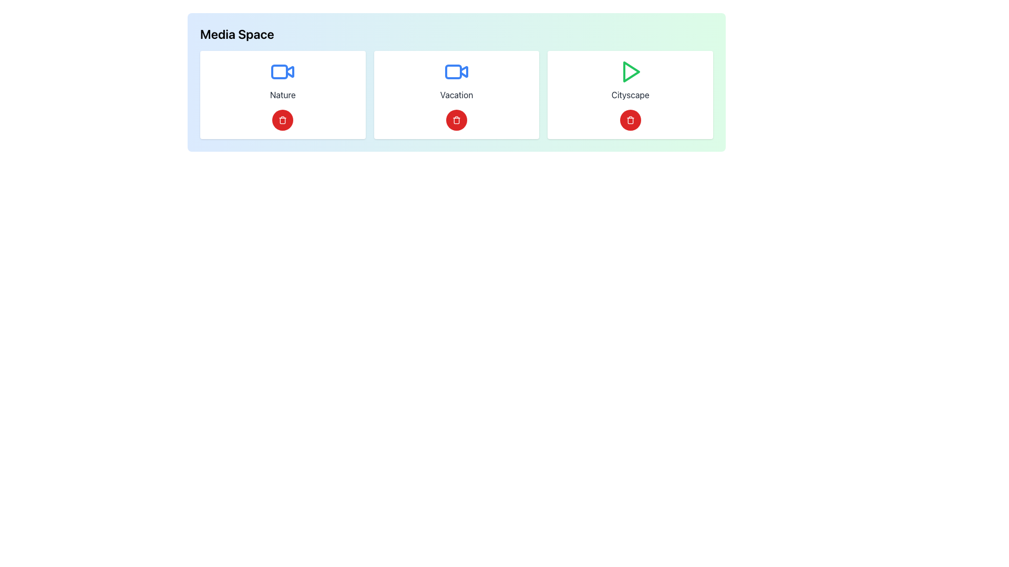 This screenshot has width=1009, height=567. I want to click on the green triangular play button located at the top central part of the card titled 'Cityscape', so click(630, 71).